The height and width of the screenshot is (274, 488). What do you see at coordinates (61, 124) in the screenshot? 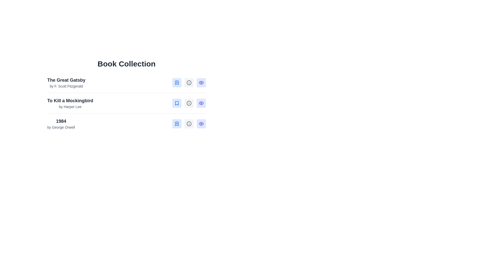
I see `the text label displaying '1984' by George Orwell, which is the third entry in a list of books` at bounding box center [61, 124].